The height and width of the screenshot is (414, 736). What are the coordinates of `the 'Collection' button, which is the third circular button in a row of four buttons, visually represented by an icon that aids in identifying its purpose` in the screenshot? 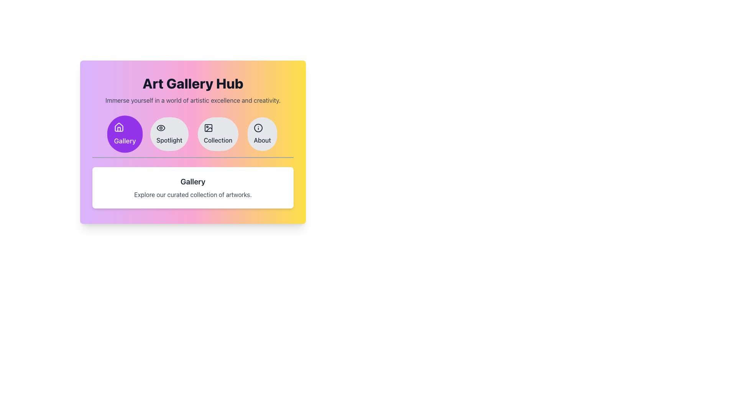 It's located at (208, 128).